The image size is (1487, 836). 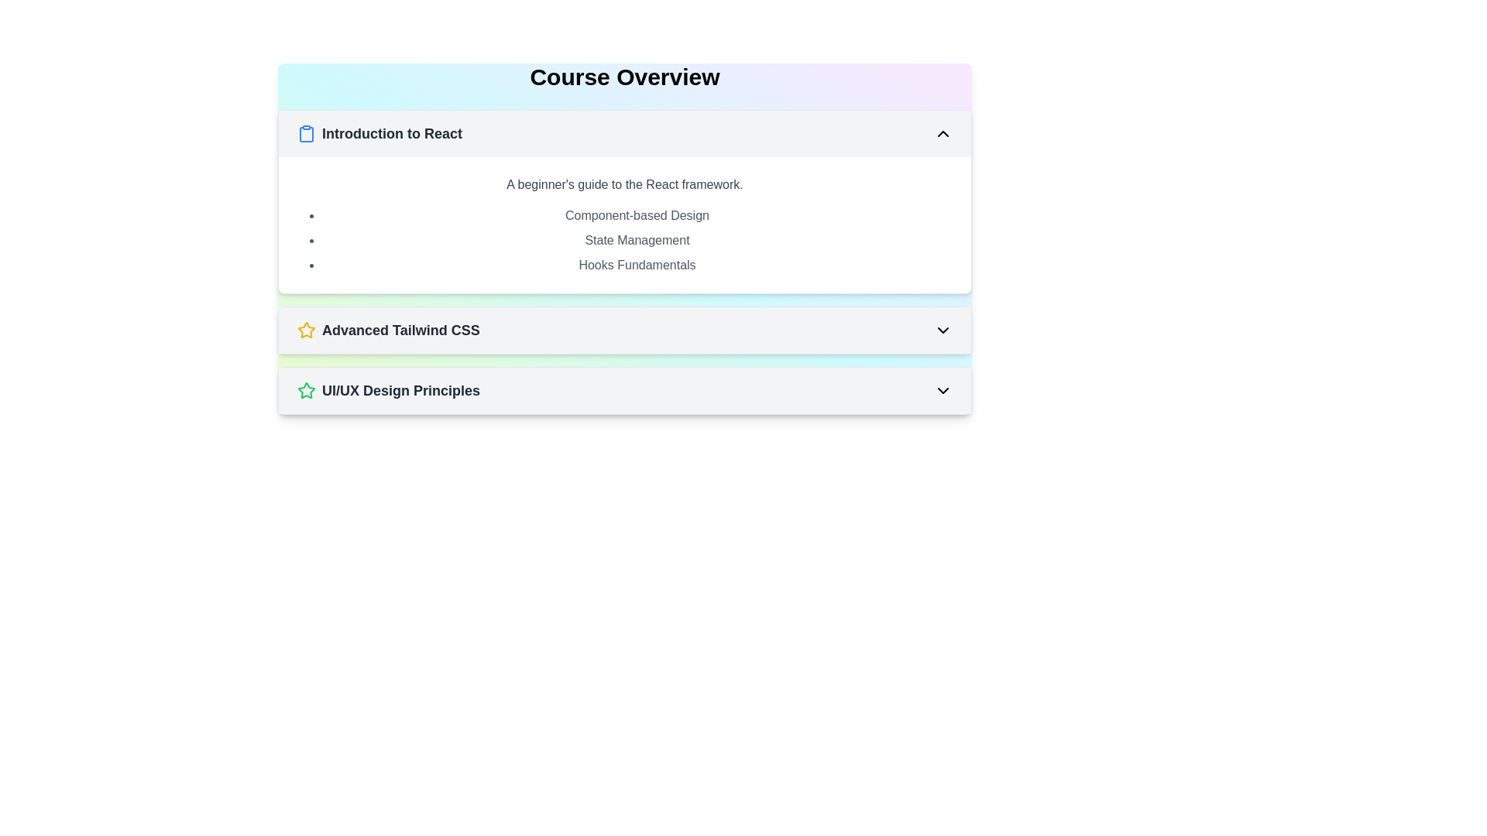 I want to click on the corresponding course section, so click(x=392, y=133).